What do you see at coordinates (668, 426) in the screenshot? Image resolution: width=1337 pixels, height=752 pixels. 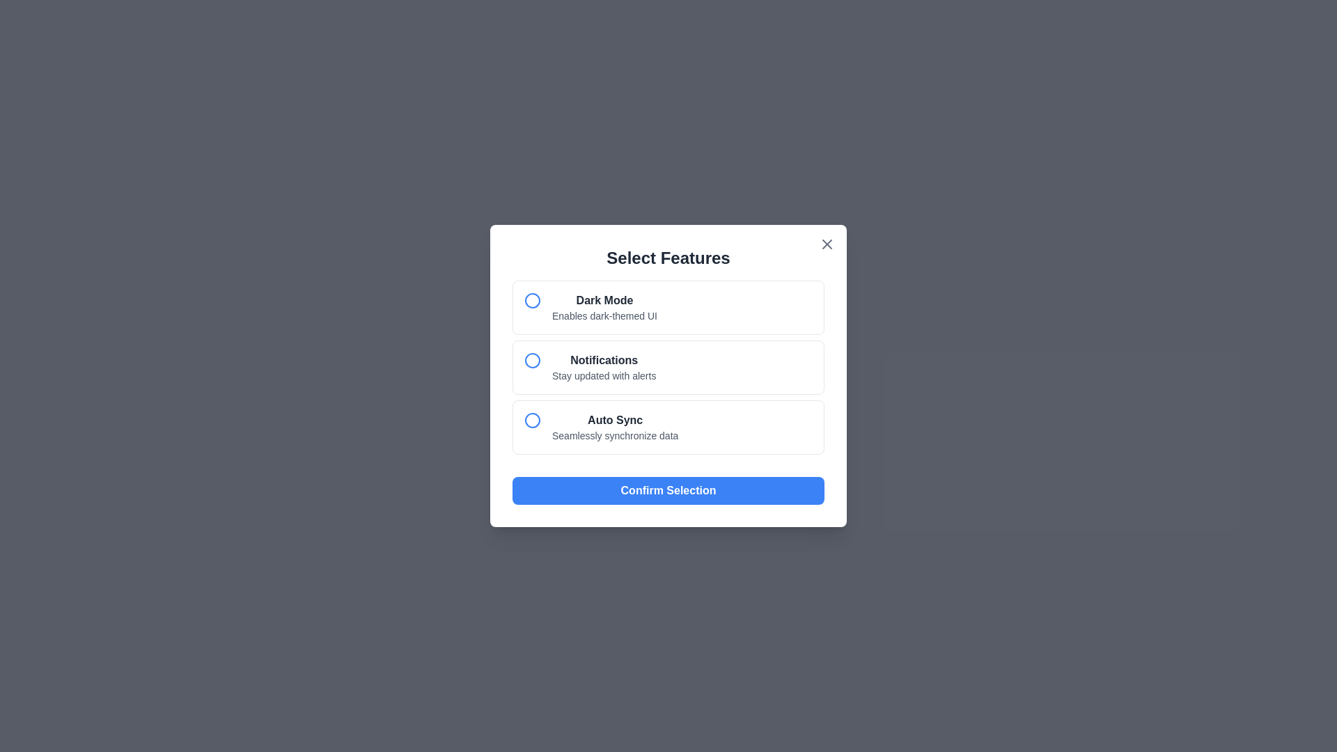 I see `the option corresponding to Auto Sync to select it` at bounding box center [668, 426].